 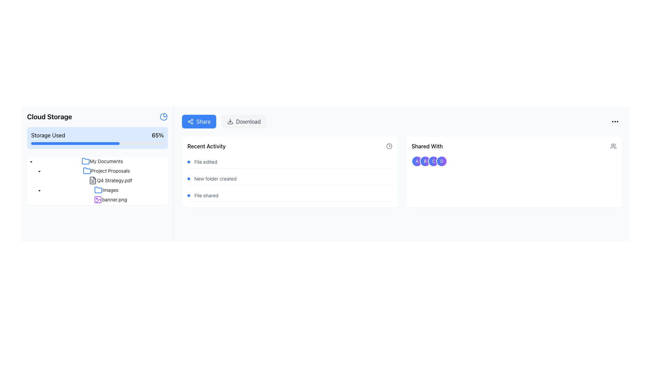 What do you see at coordinates (97, 190) in the screenshot?
I see `the folder icon labeled 'Images'` at bounding box center [97, 190].